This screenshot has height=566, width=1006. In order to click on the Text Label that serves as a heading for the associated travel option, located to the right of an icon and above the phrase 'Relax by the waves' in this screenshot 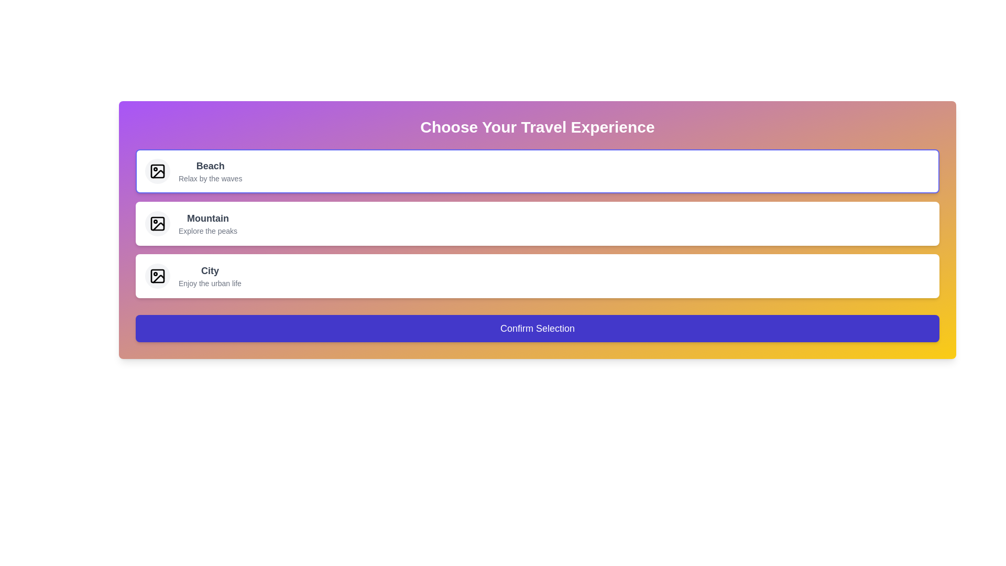, I will do `click(210, 165)`.